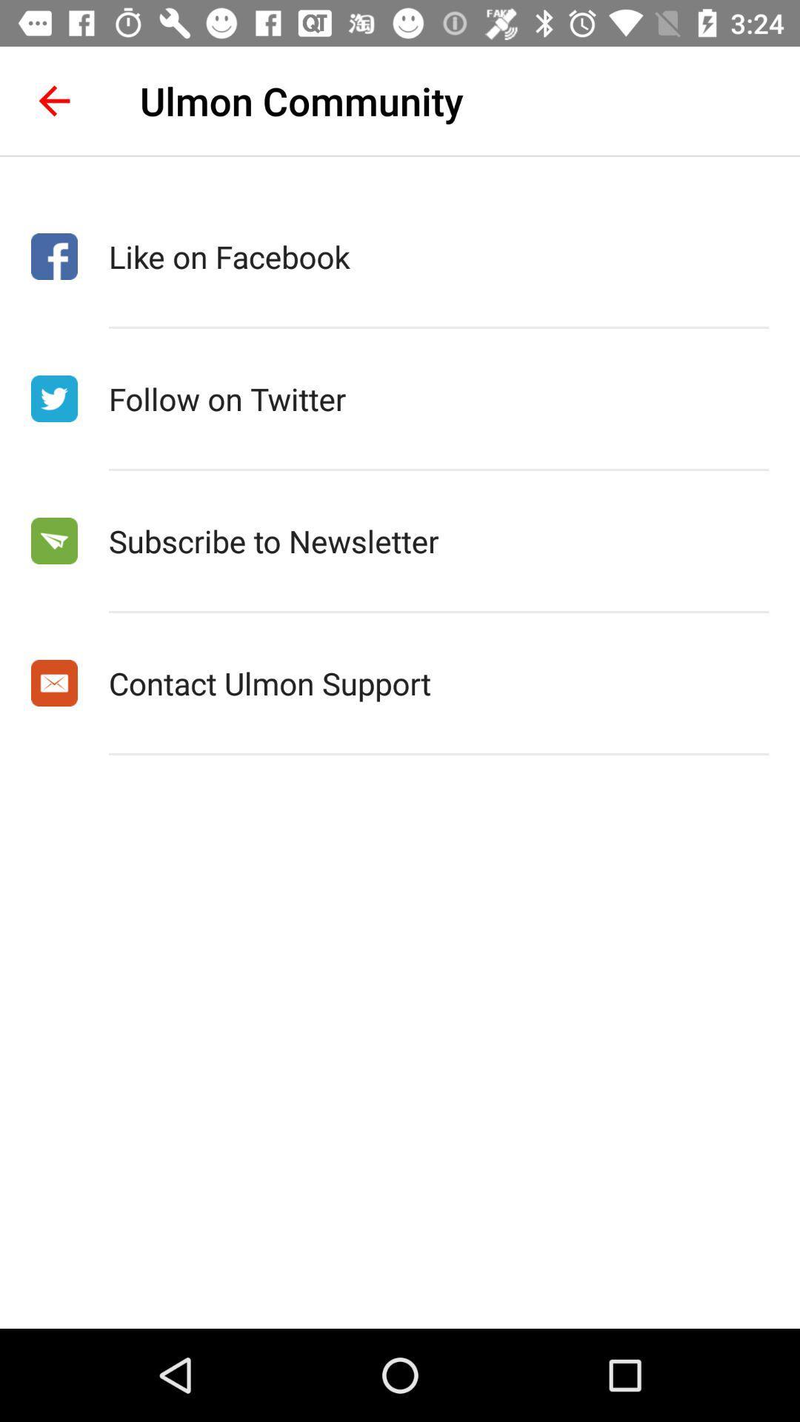  What do you see at coordinates (53, 100) in the screenshot?
I see `the icon to the left of ulmon community icon` at bounding box center [53, 100].